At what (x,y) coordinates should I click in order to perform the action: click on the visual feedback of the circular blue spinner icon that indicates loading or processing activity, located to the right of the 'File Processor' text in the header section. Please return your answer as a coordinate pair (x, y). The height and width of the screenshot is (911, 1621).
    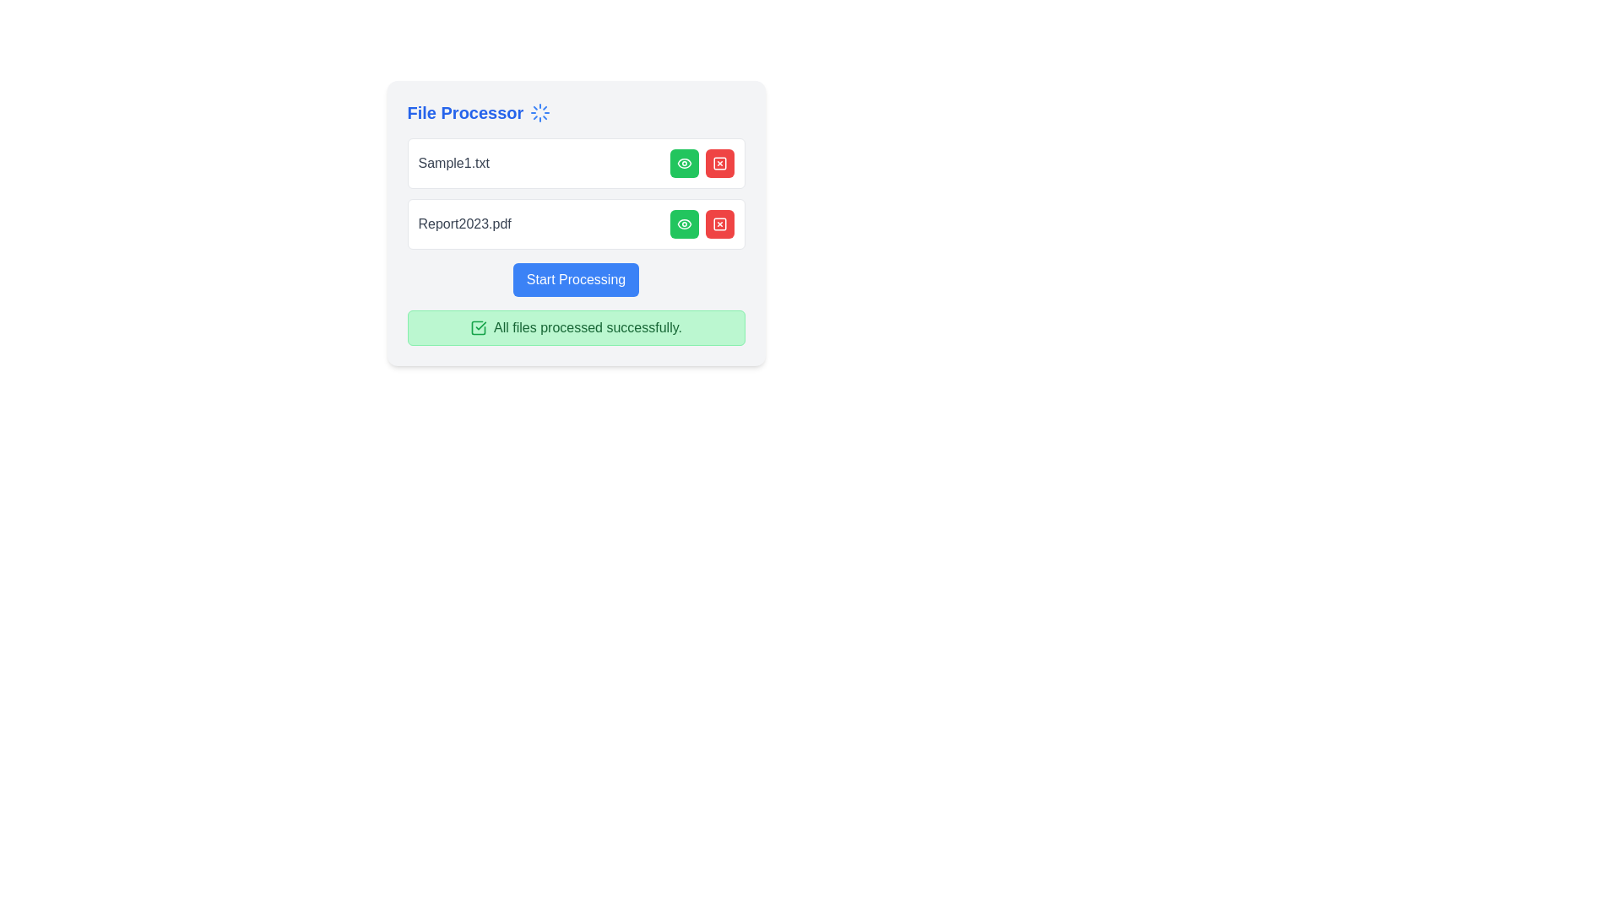
    Looking at the image, I should click on (540, 113).